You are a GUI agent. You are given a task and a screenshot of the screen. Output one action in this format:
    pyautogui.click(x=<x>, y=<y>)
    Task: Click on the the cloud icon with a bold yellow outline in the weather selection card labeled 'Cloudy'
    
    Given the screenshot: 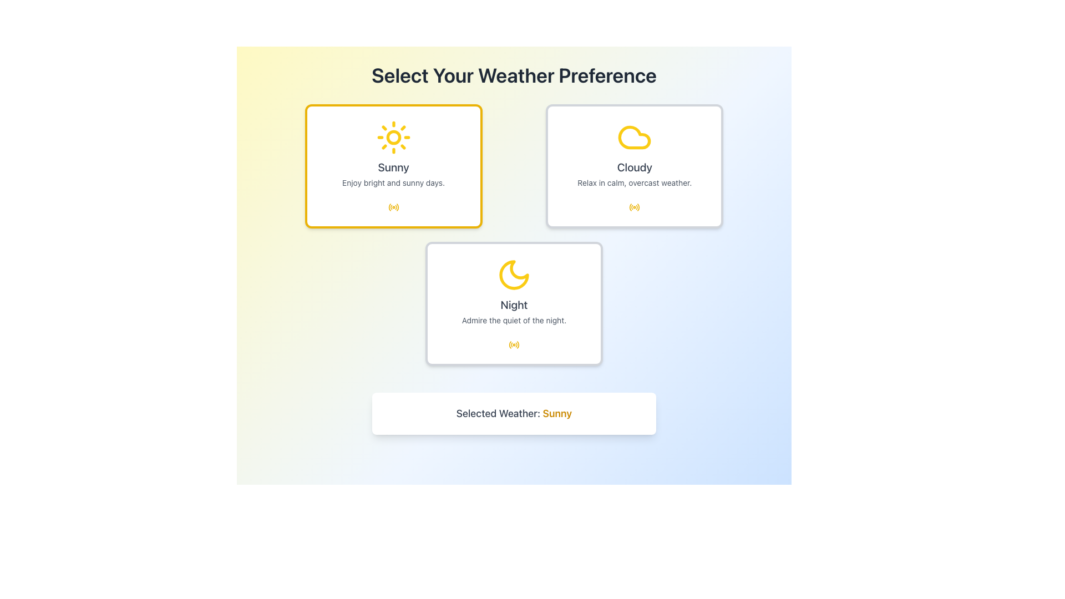 What is the action you would take?
    pyautogui.click(x=635, y=136)
    